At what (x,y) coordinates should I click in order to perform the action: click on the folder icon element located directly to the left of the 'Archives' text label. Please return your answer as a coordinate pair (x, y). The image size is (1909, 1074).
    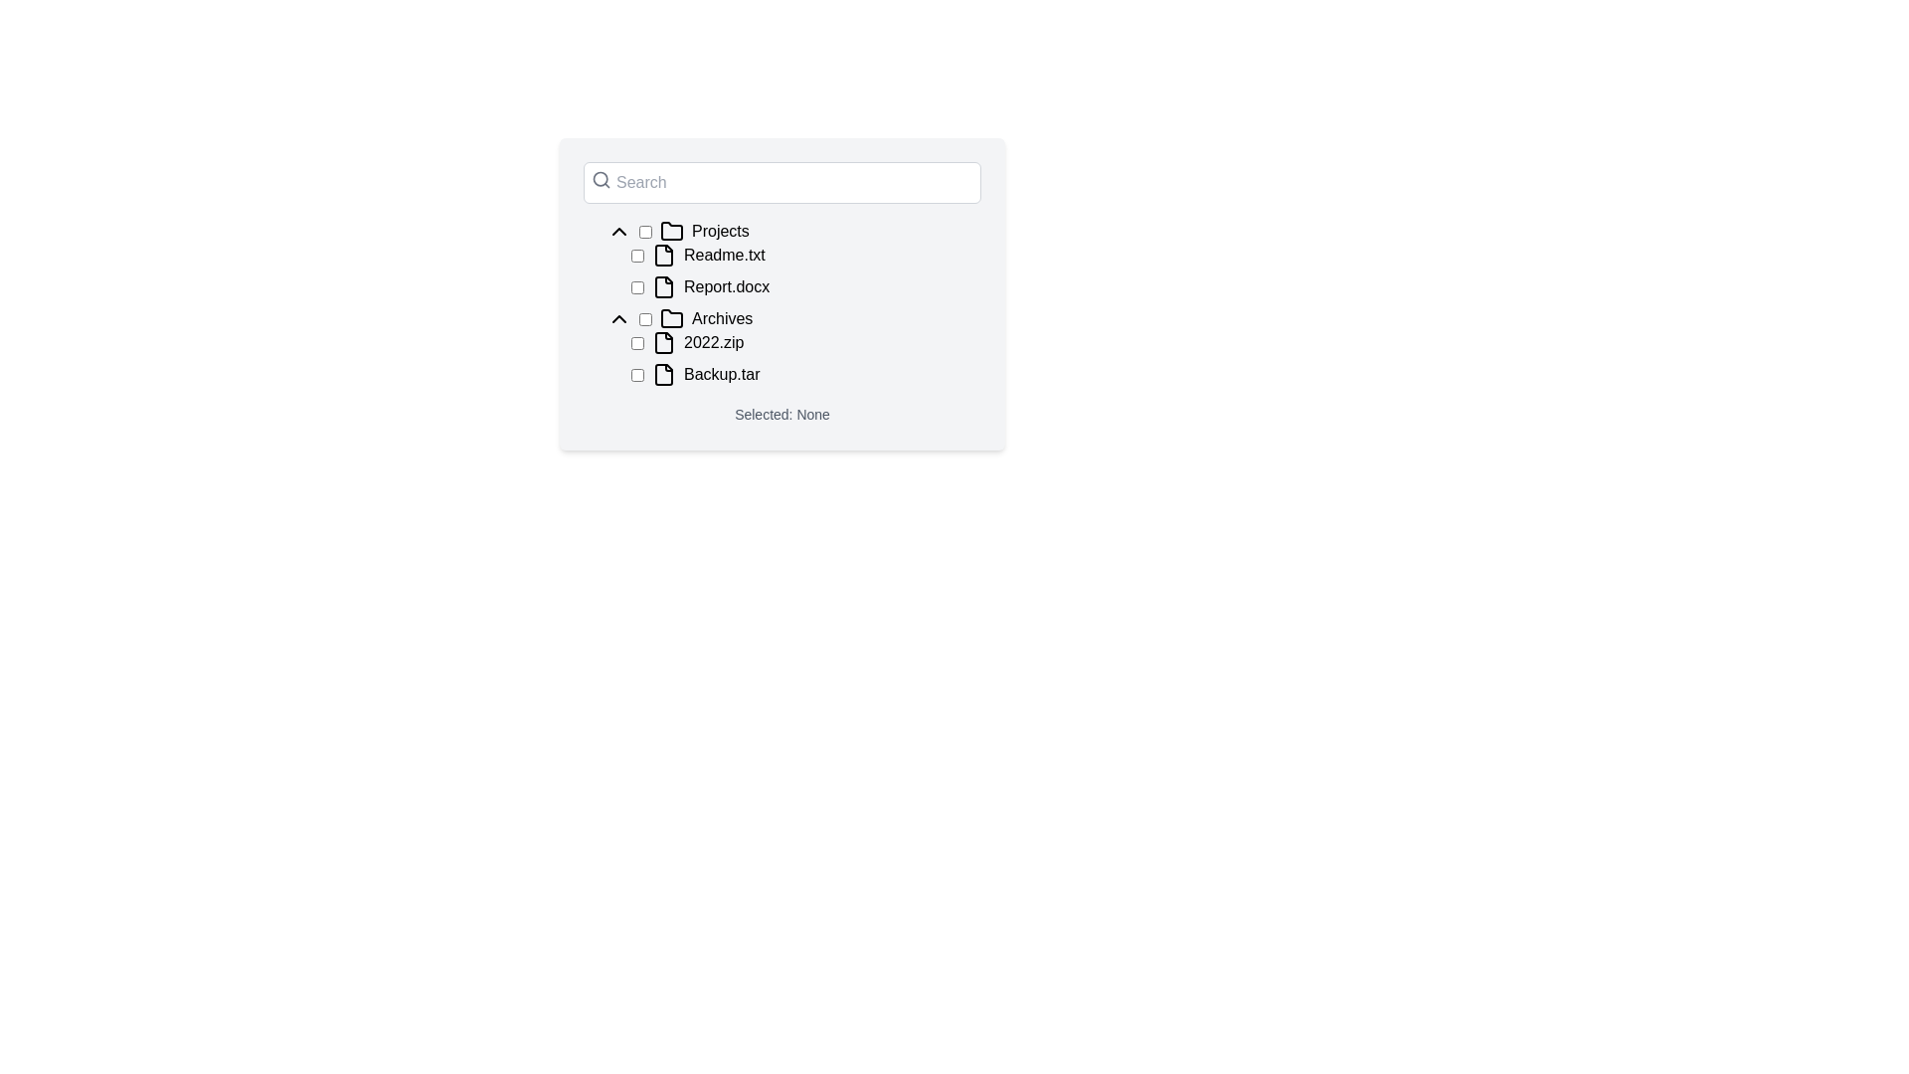
    Looking at the image, I should click on (672, 317).